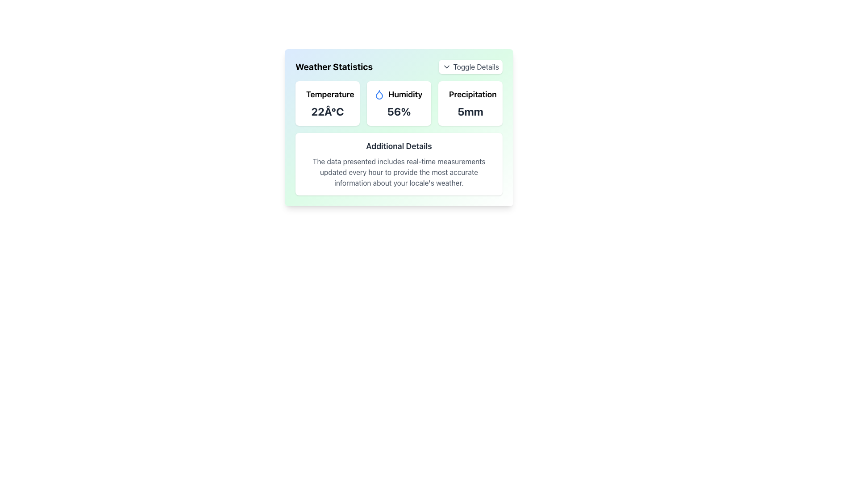 The height and width of the screenshot is (482, 857). What do you see at coordinates (470, 111) in the screenshot?
I see `the text label displaying the precipitation level of '5mm' located within the 'Precipitation' section of the weather statistics card` at bounding box center [470, 111].